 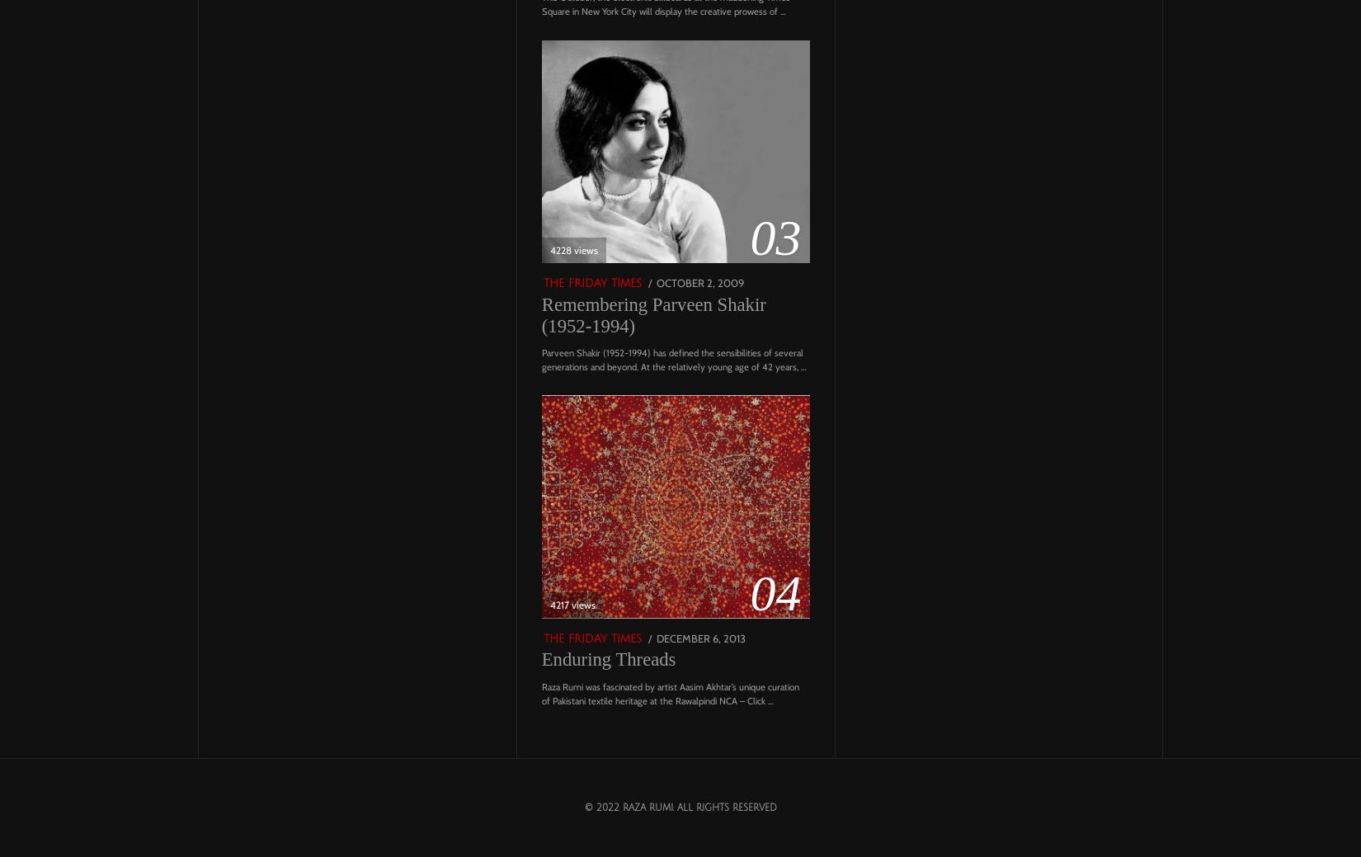 I want to click on '04', so click(x=775, y=591).